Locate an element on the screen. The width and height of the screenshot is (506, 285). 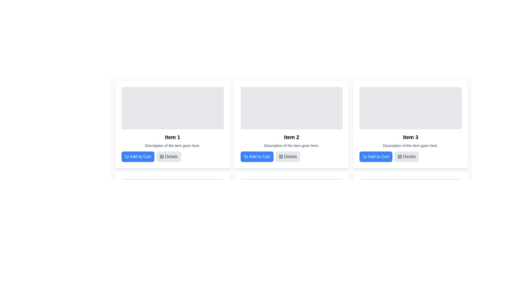
the 'Add to Cart' button, which is a rectangular button with a blue background and rounded corners is located at coordinates (138, 156).